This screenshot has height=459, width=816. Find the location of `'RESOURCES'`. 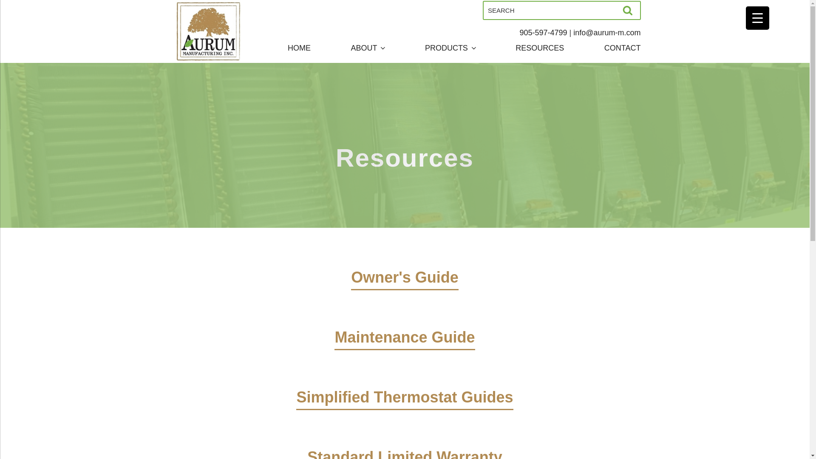

'RESOURCES' is located at coordinates (539, 48).